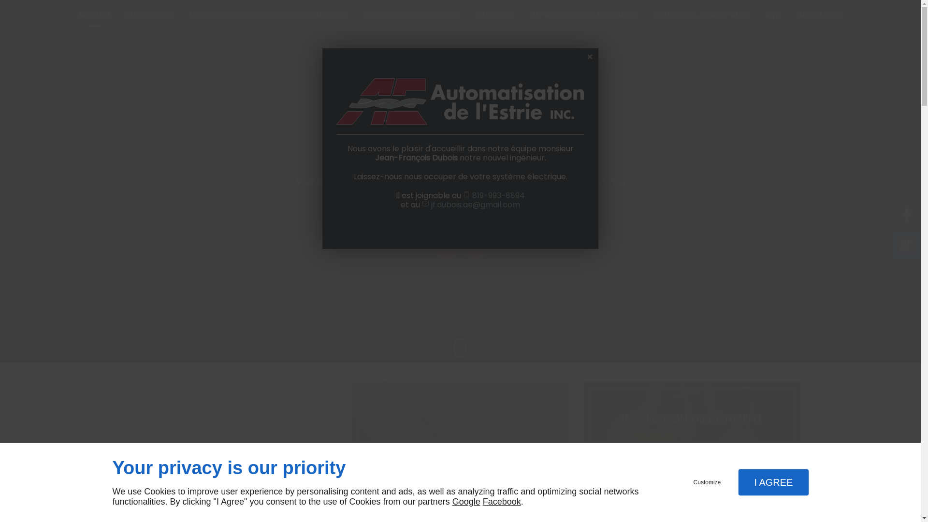 The image size is (928, 522). What do you see at coordinates (819, 15) in the screenshot?
I see `'INFOLETTRE'` at bounding box center [819, 15].